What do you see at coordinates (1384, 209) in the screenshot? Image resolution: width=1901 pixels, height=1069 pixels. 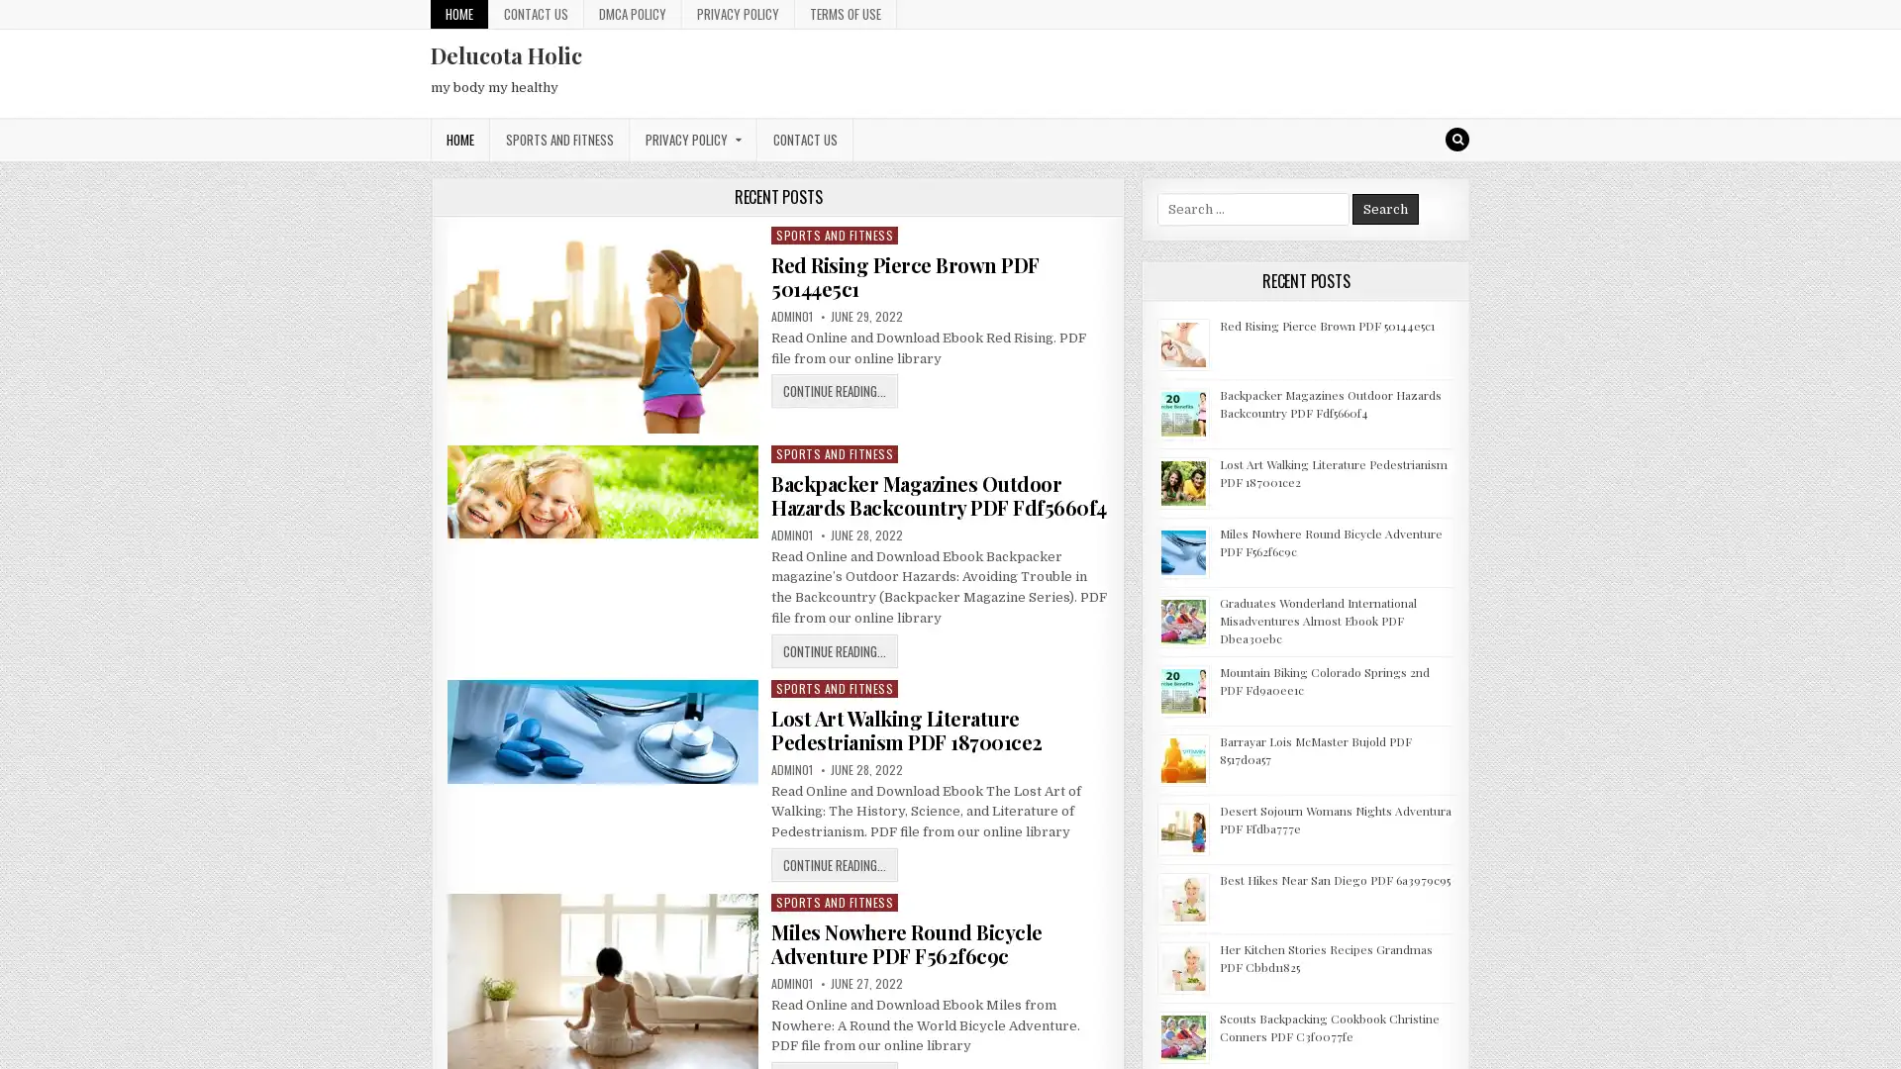 I see `Search` at bounding box center [1384, 209].